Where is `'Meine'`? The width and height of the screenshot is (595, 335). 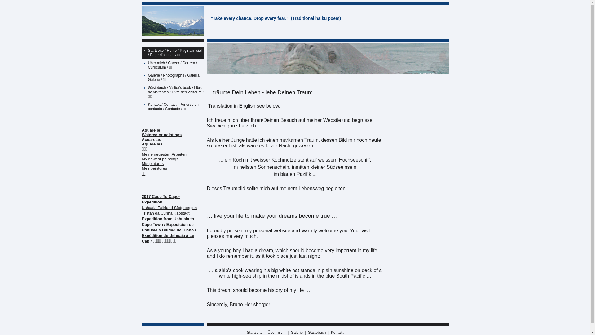 'Meine' is located at coordinates (147, 154).